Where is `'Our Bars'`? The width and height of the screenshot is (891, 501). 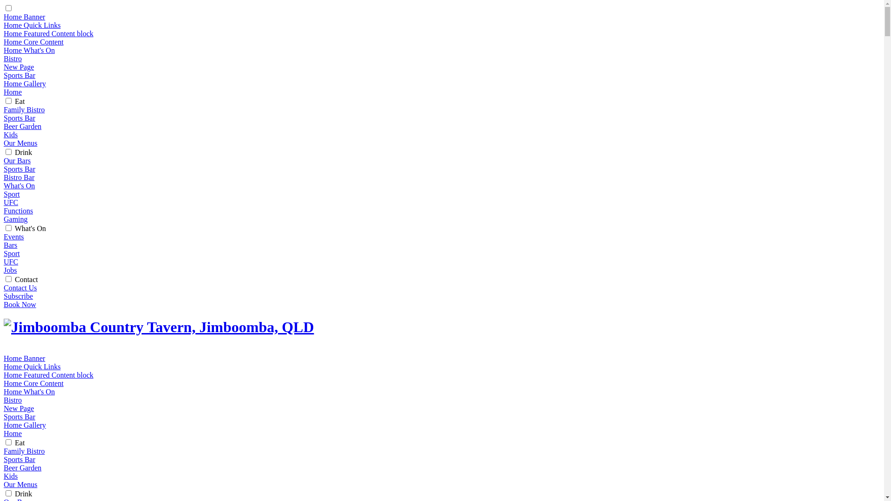
'Our Bars' is located at coordinates (4, 160).